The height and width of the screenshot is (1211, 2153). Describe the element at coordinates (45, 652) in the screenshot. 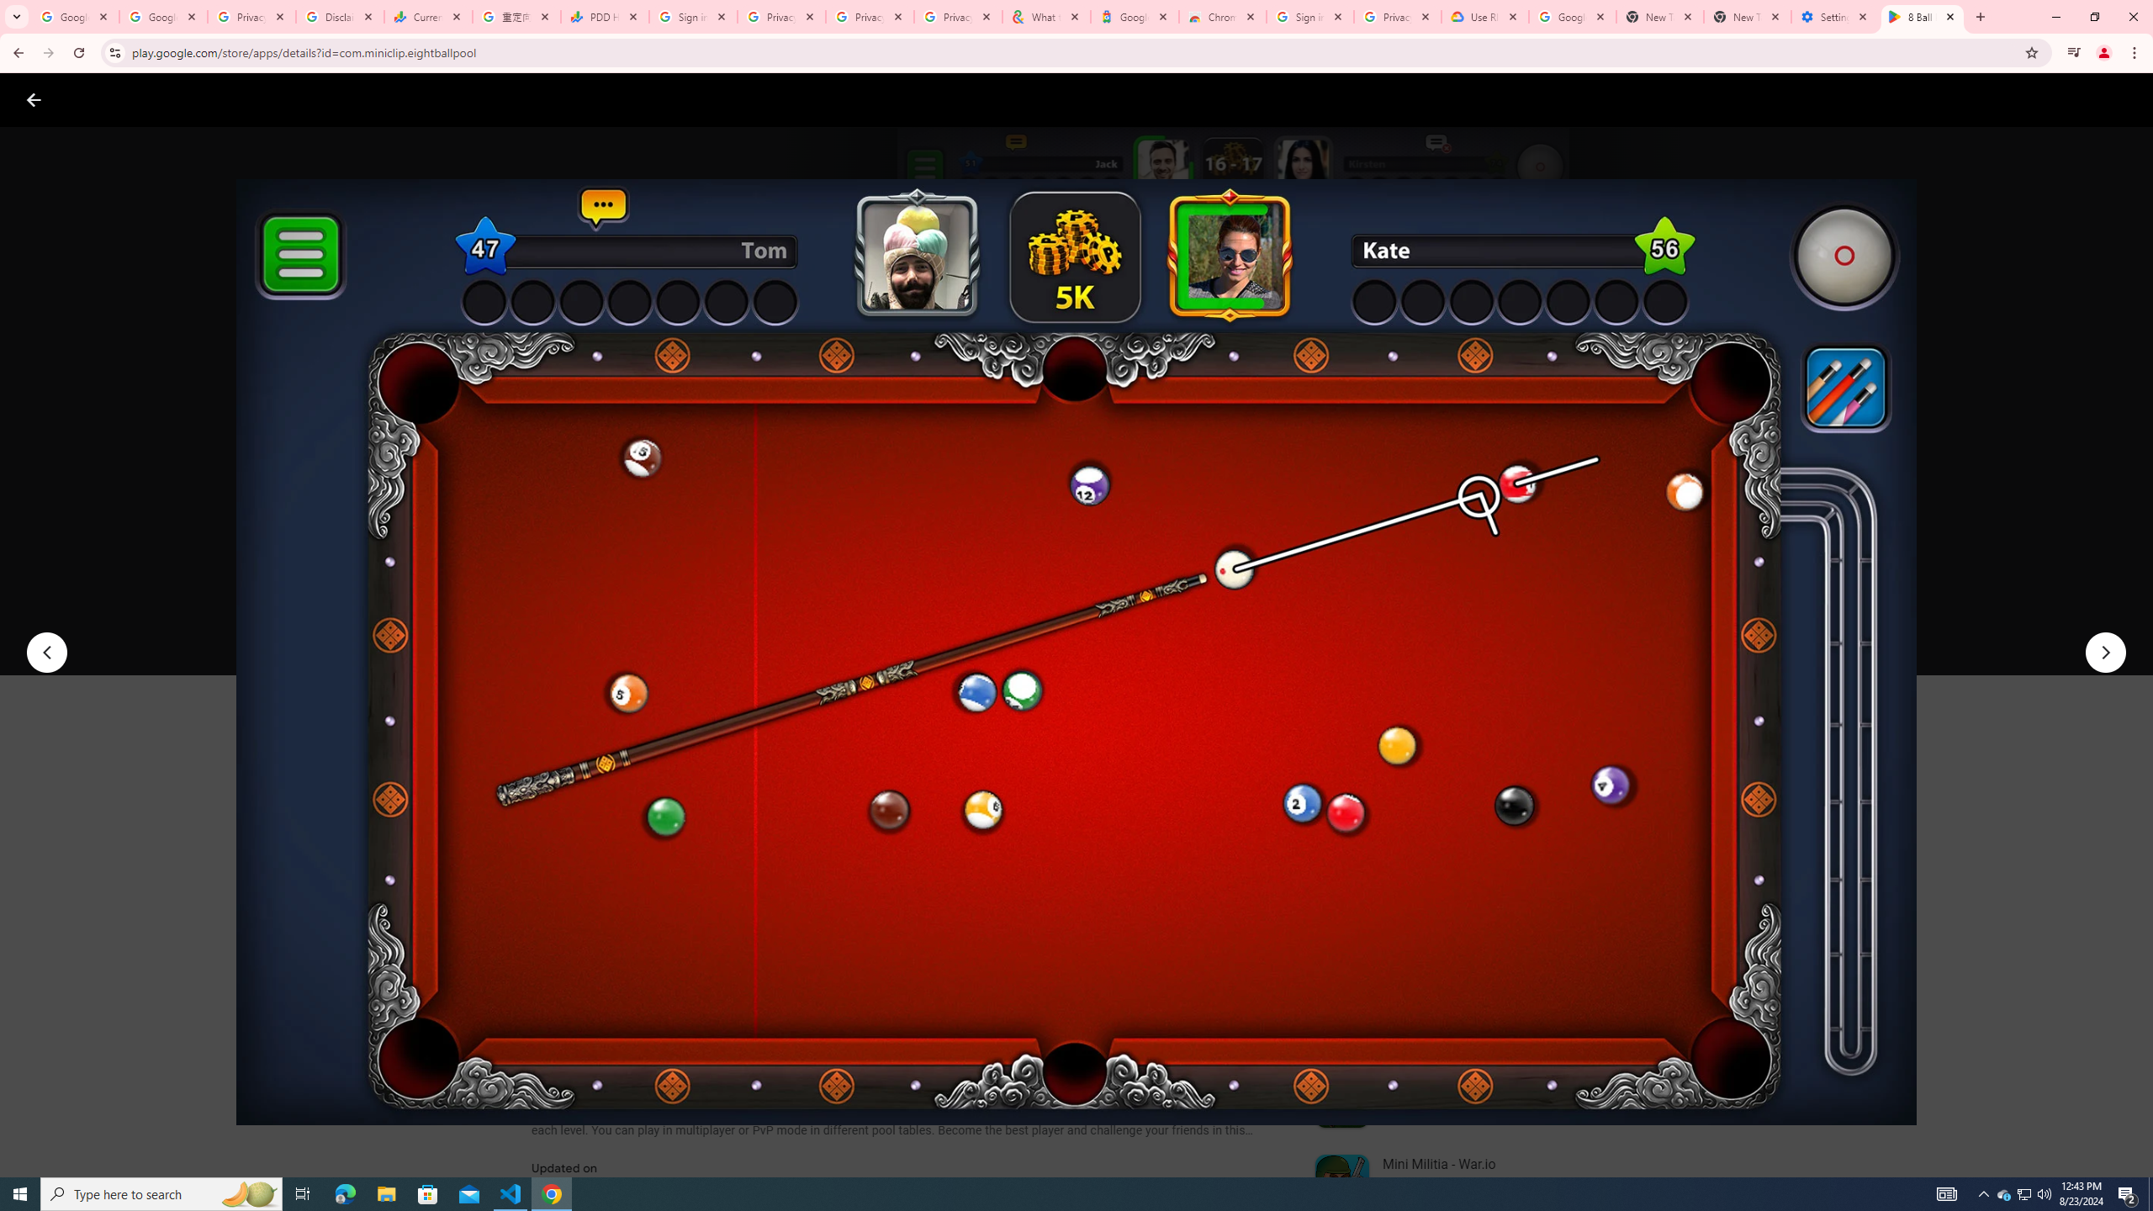

I see `'Previous'` at that location.